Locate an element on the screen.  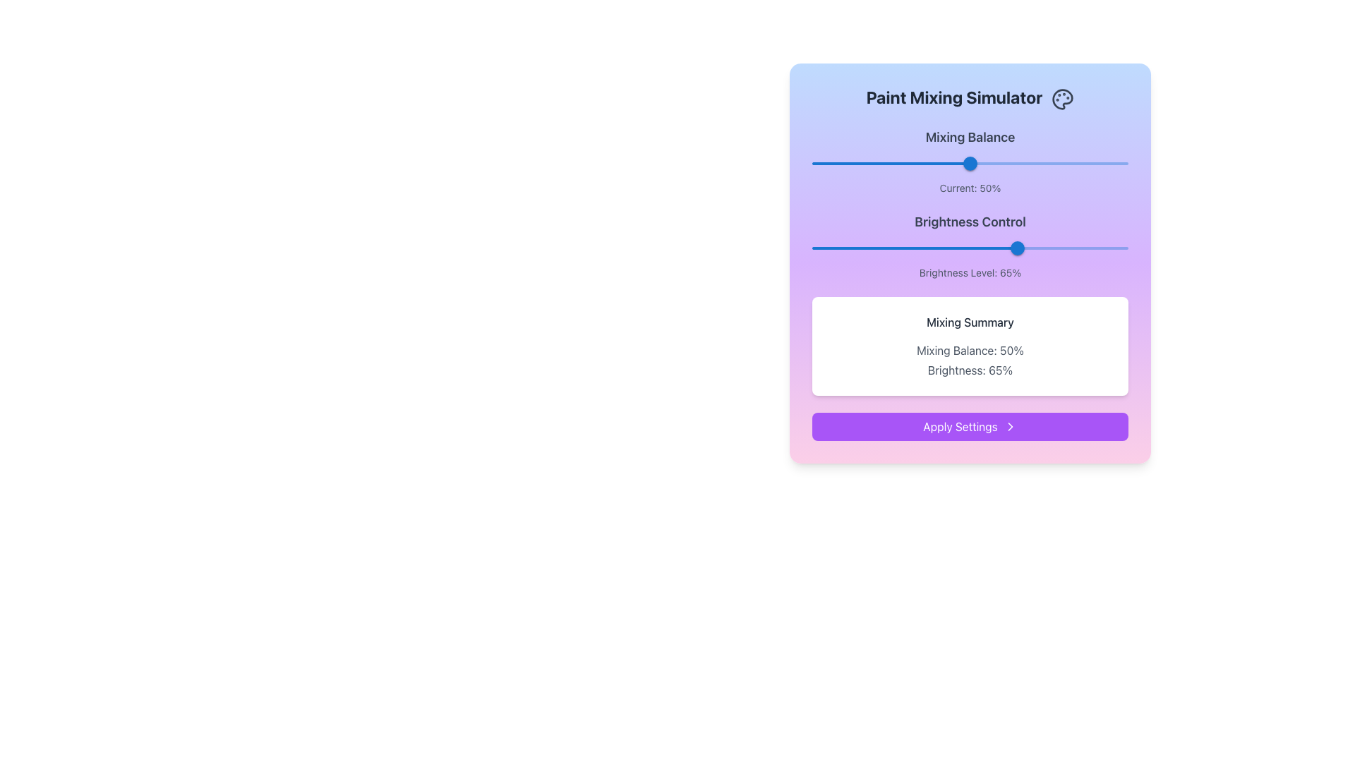
the filled portion of the 'Brightness Control' slider, which indicates a value from 0% to 65% is located at coordinates (915, 247).